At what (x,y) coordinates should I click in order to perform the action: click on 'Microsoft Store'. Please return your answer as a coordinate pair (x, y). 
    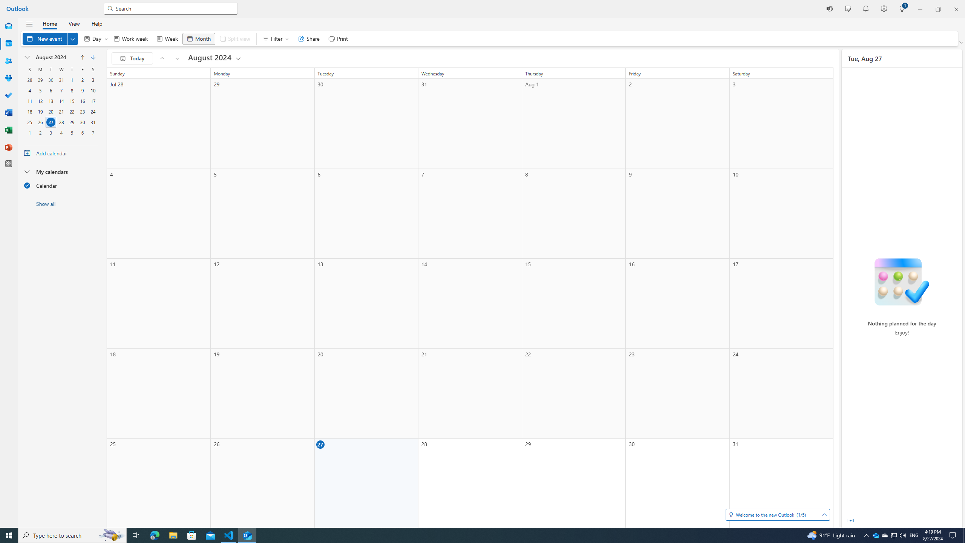
    Looking at the image, I should click on (192, 535).